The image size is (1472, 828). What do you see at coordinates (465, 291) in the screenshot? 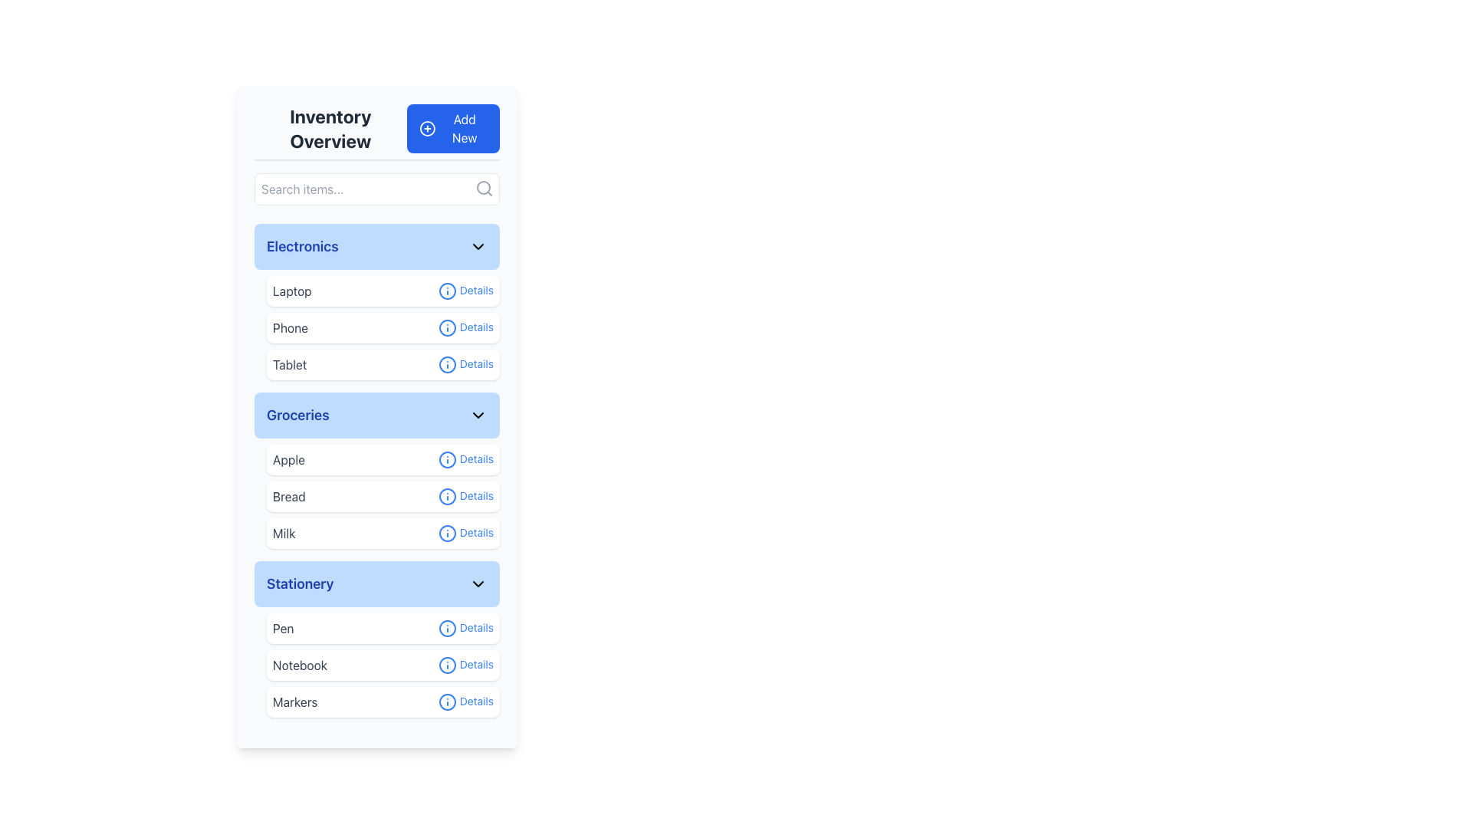
I see `the hyperlink labeled 'Details' which is styled in small blue font with an underline effect, located to the right of the text 'Laptop' in the 'Electronics' category section` at bounding box center [465, 291].